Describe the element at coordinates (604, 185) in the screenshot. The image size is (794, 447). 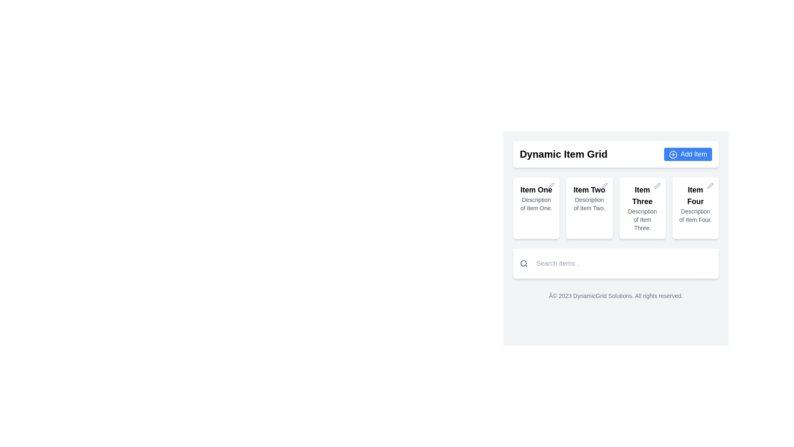
I see `the edit button icon located at the top-right corner of the 'Item Two' card, which allows users to modify the card's details` at that location.